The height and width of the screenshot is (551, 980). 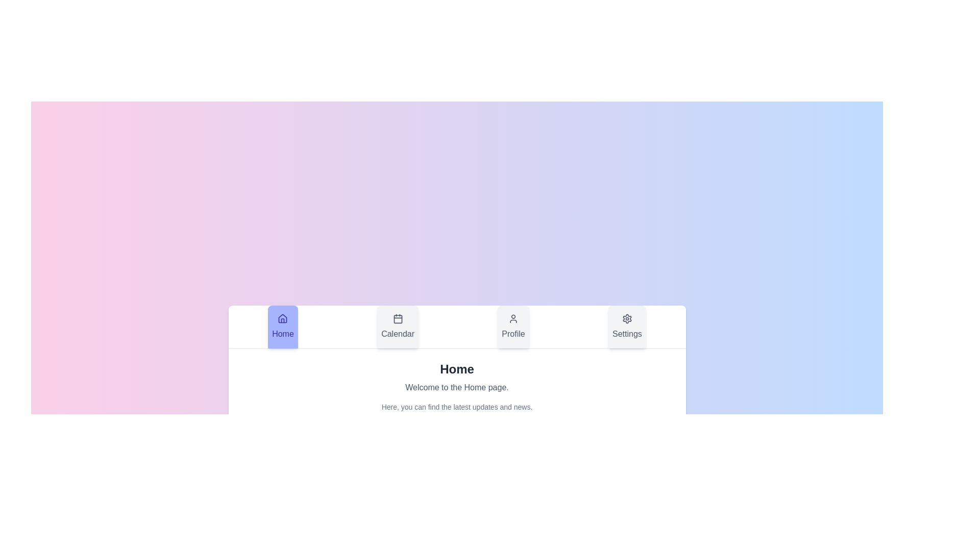 I want to click on the tab labeled Calendar, so click(x=397, y=327).